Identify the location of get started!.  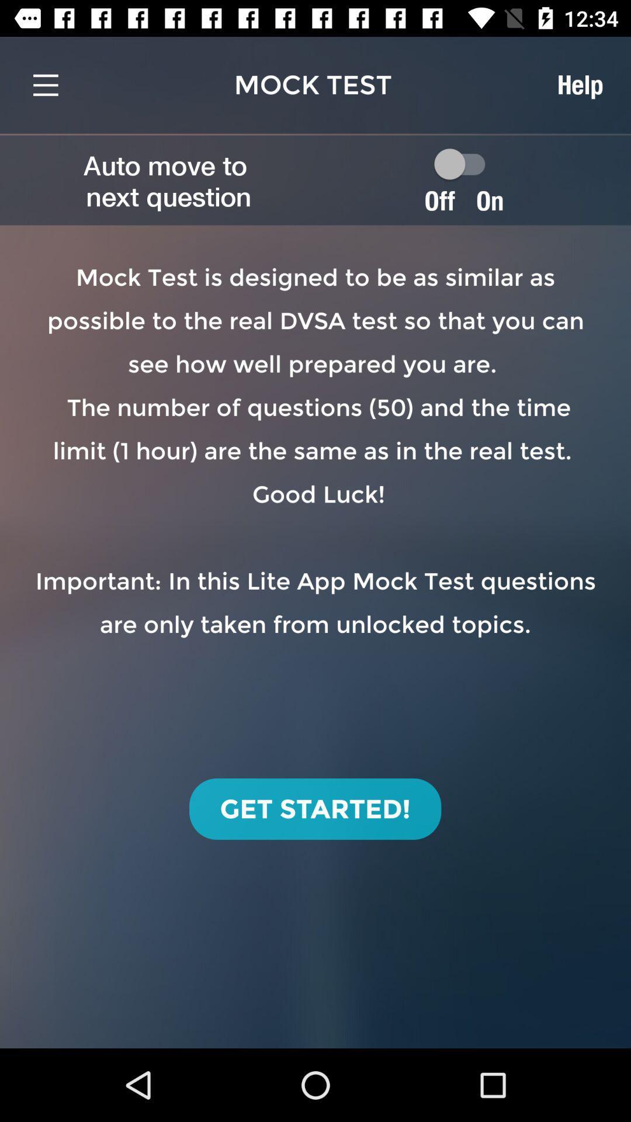
(314, 808).